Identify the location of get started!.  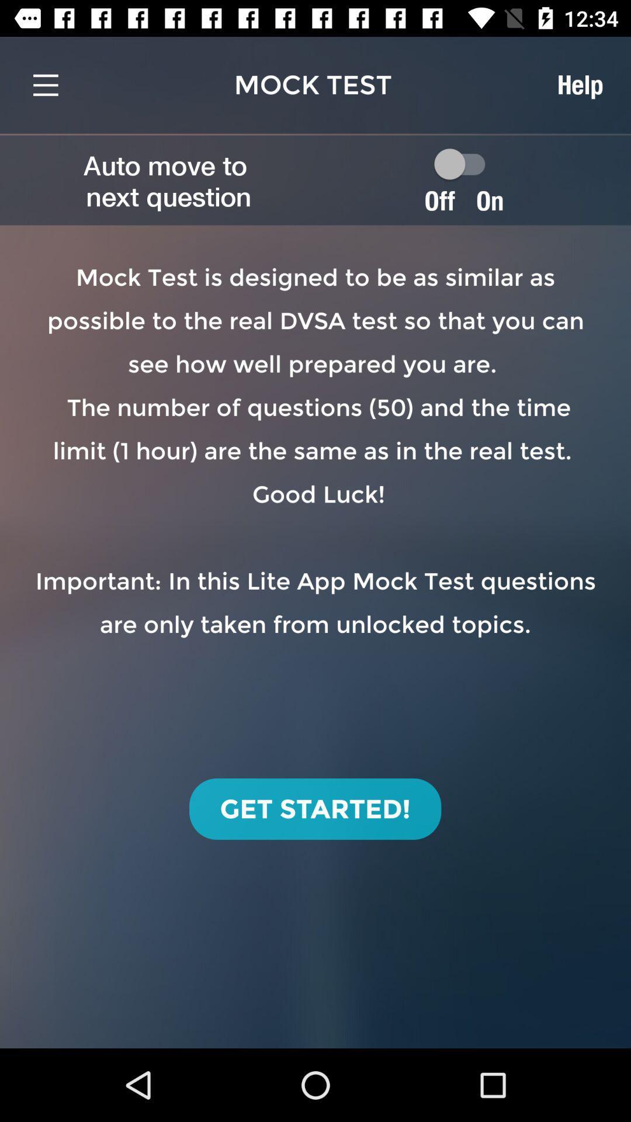
(314, 808).